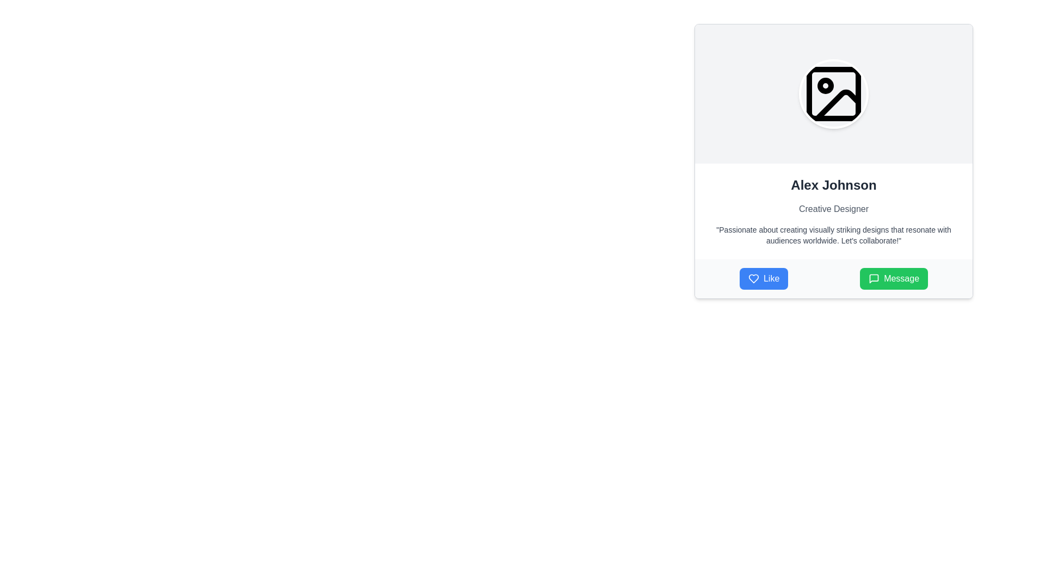 This screenshot has height=587, width=1045. Describe the element at coordinates (763, 278) in the screenshot. I see `the 'Like' button located in the bottom section of the card-like component, positioned to the left of the 'Message' button` at that location.